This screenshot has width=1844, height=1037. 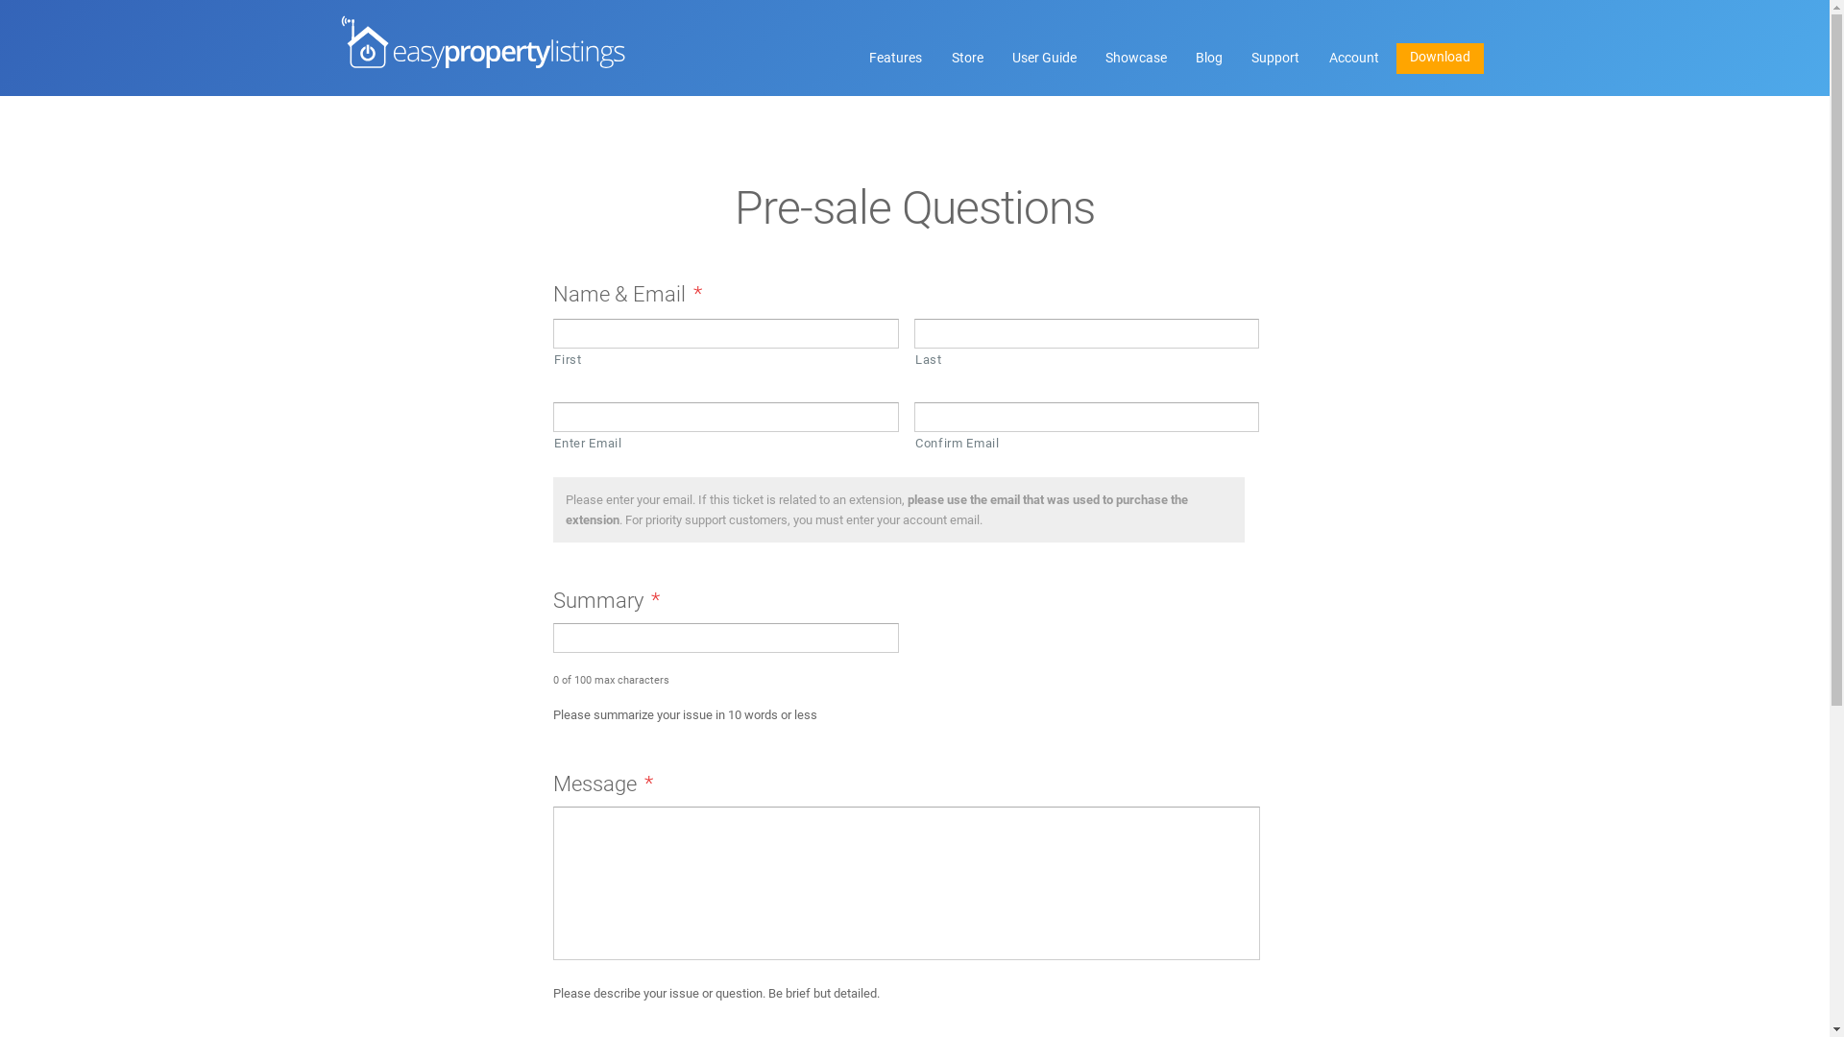 I want to click on 'Blog', so click(x=1183, y=58).